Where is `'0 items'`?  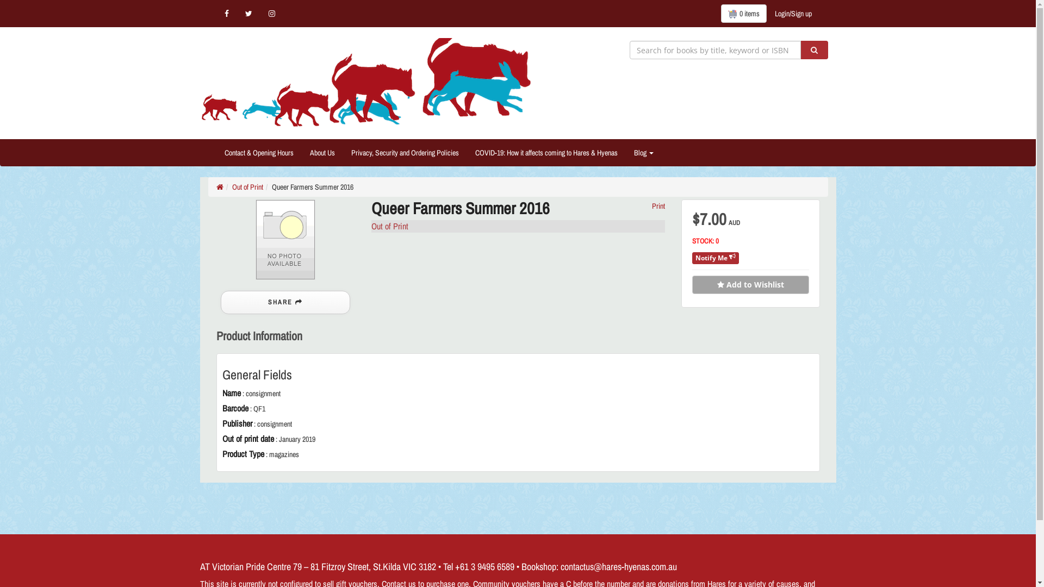 '0 items' is located at coordinates (743, 13).